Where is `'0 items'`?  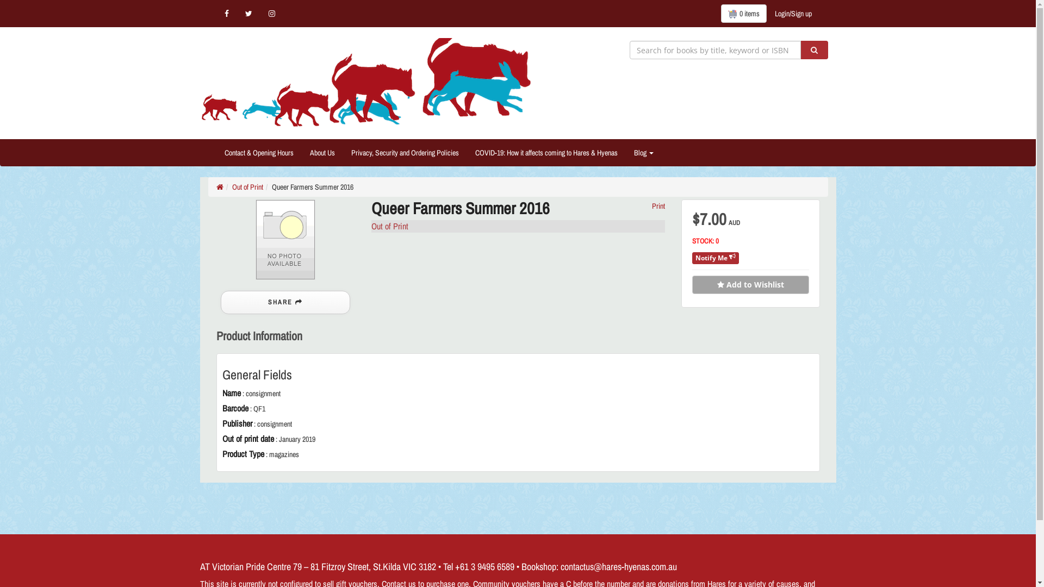 '0 items' is located at coordinates (743, 13).